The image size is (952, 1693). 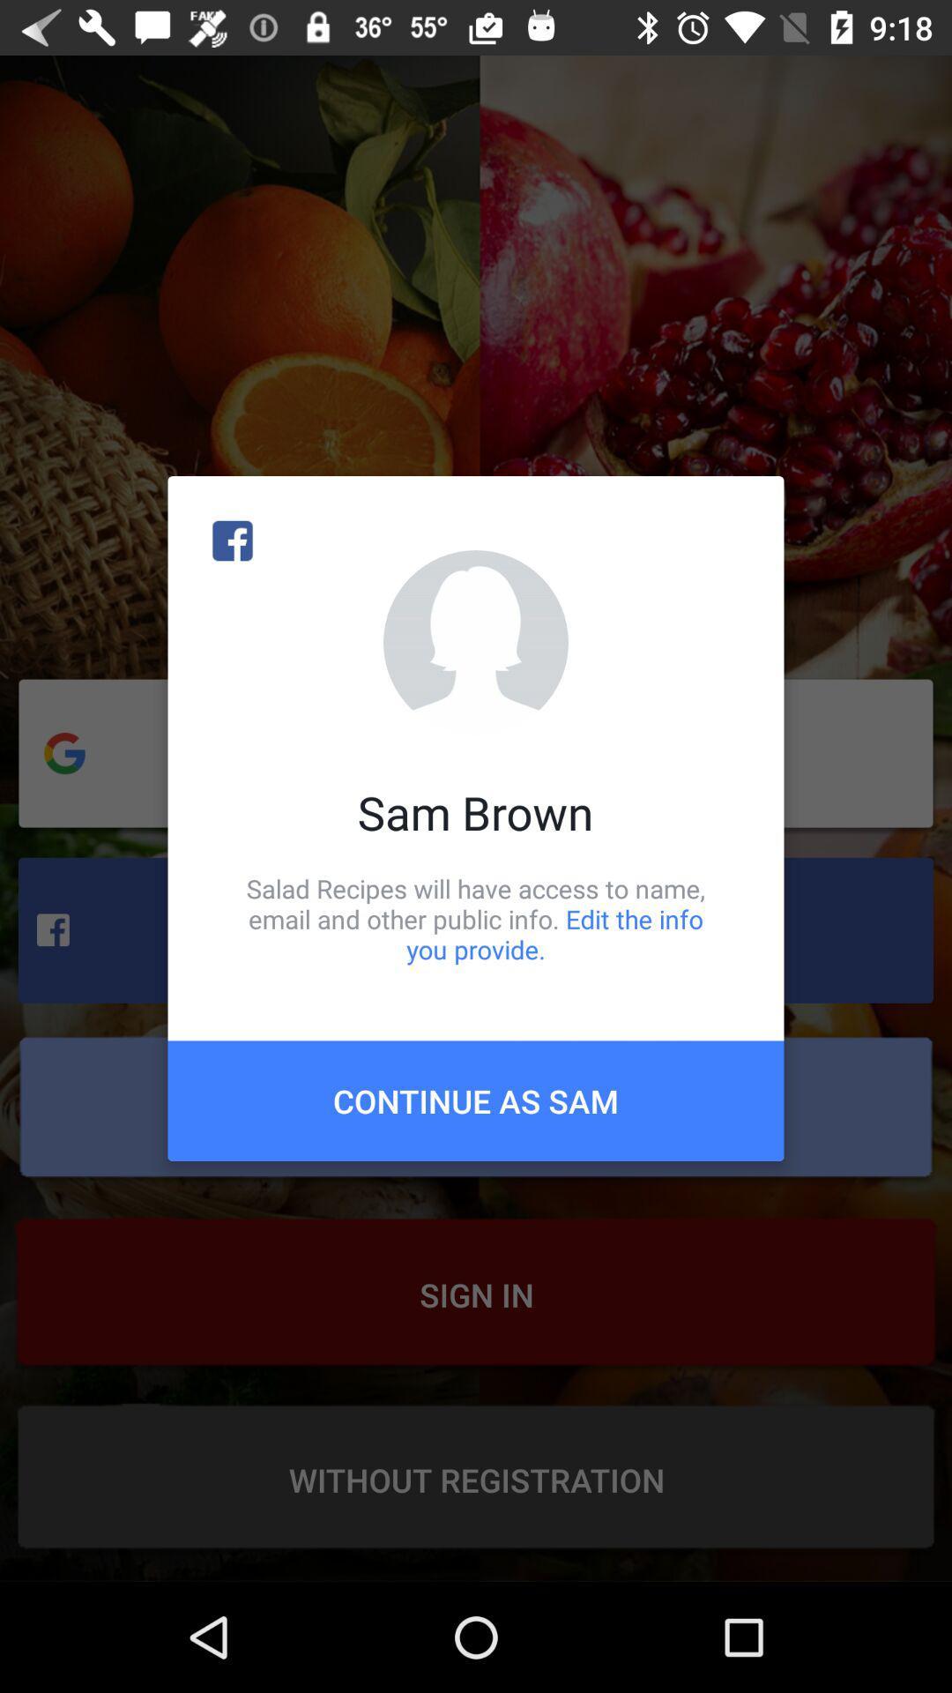 I want to click on the icon above continue as sam, so click(x=476, y=918).